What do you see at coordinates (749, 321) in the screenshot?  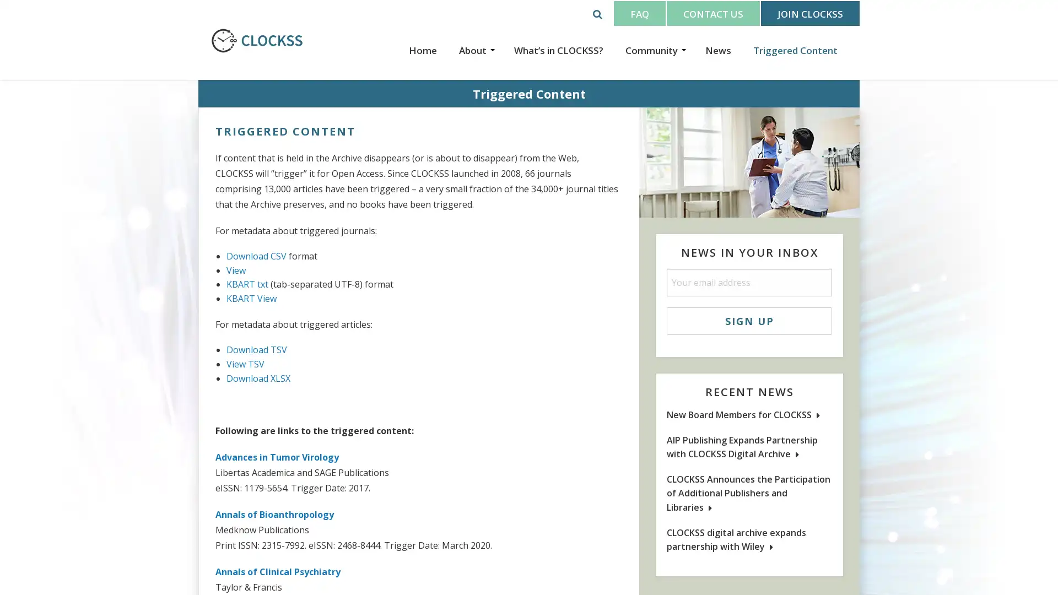 I see `Sign up` at bounding box center [749, 321].